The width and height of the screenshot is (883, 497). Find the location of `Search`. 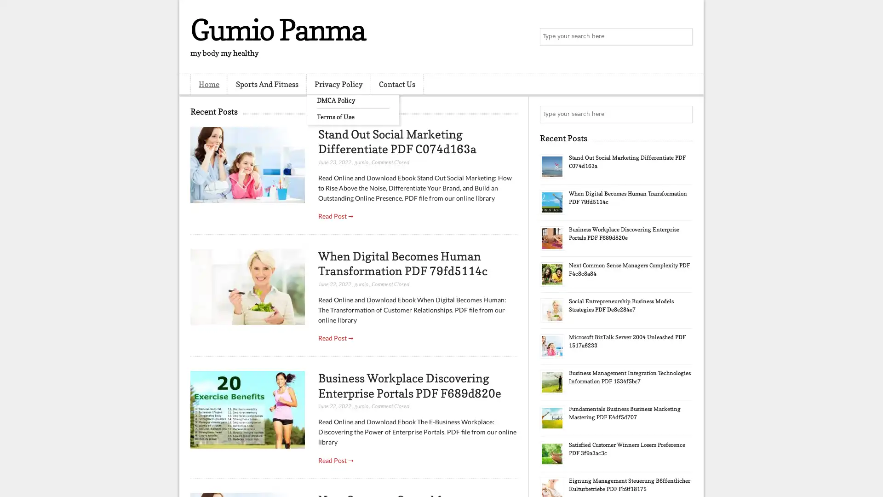

Search is located at coordinates (683, 37).